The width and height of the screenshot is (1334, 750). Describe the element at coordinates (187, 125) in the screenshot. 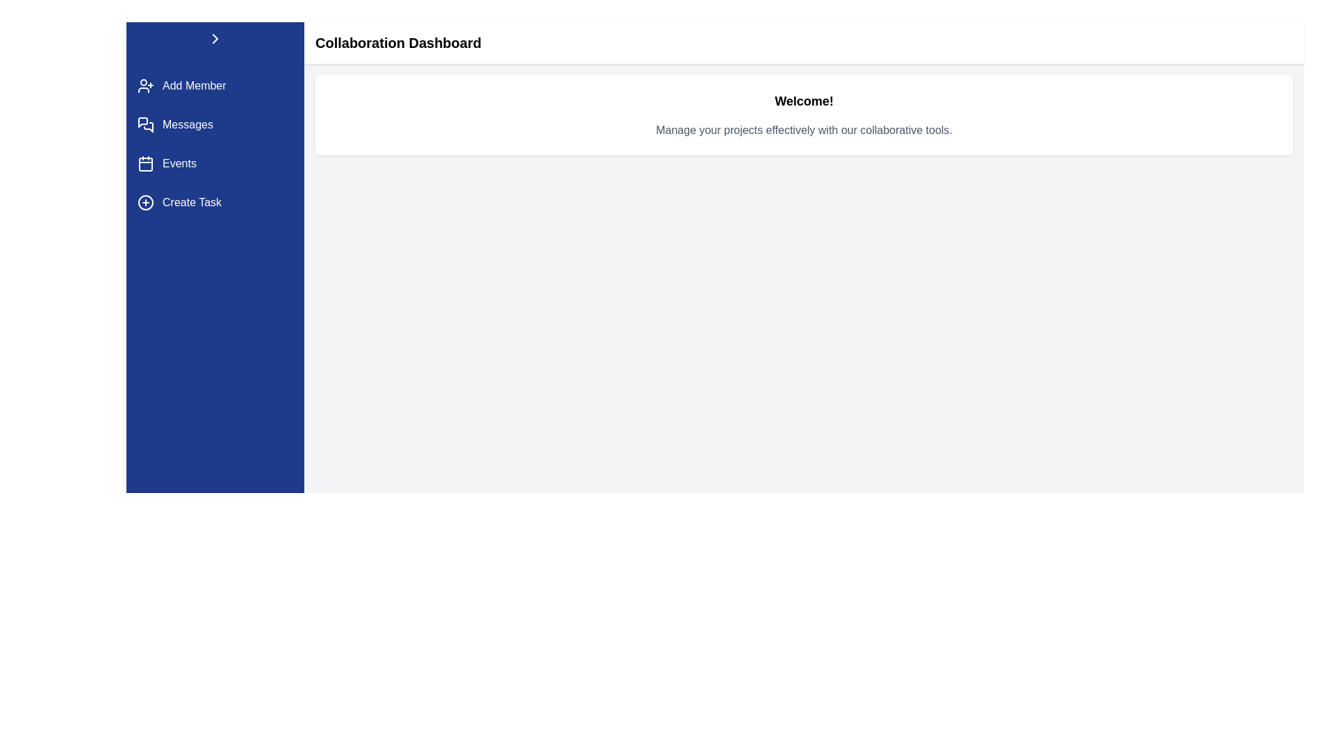

I see `the 'Messages' label in the sidebar menu` at that location.